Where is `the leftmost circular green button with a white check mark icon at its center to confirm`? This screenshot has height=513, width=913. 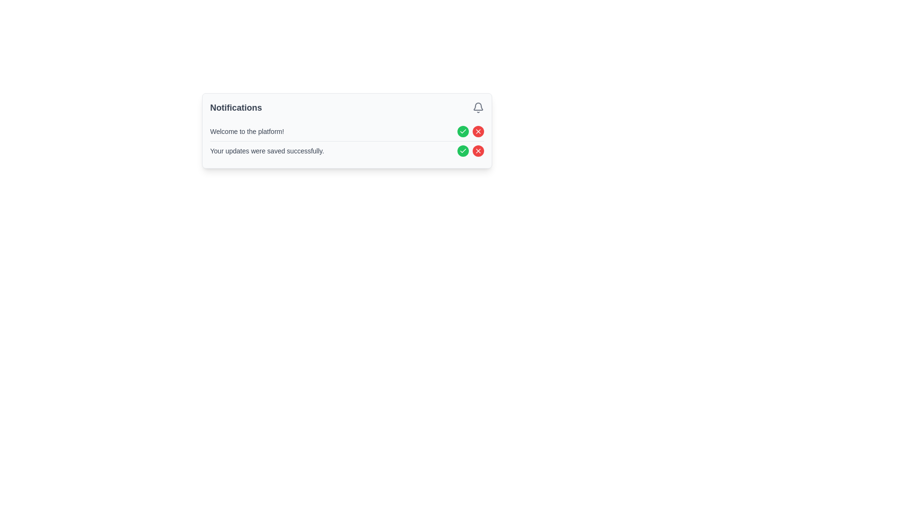
the leftmost circular green button with a white check mark icon at its center to confirm is located at coordinates (463, 132).